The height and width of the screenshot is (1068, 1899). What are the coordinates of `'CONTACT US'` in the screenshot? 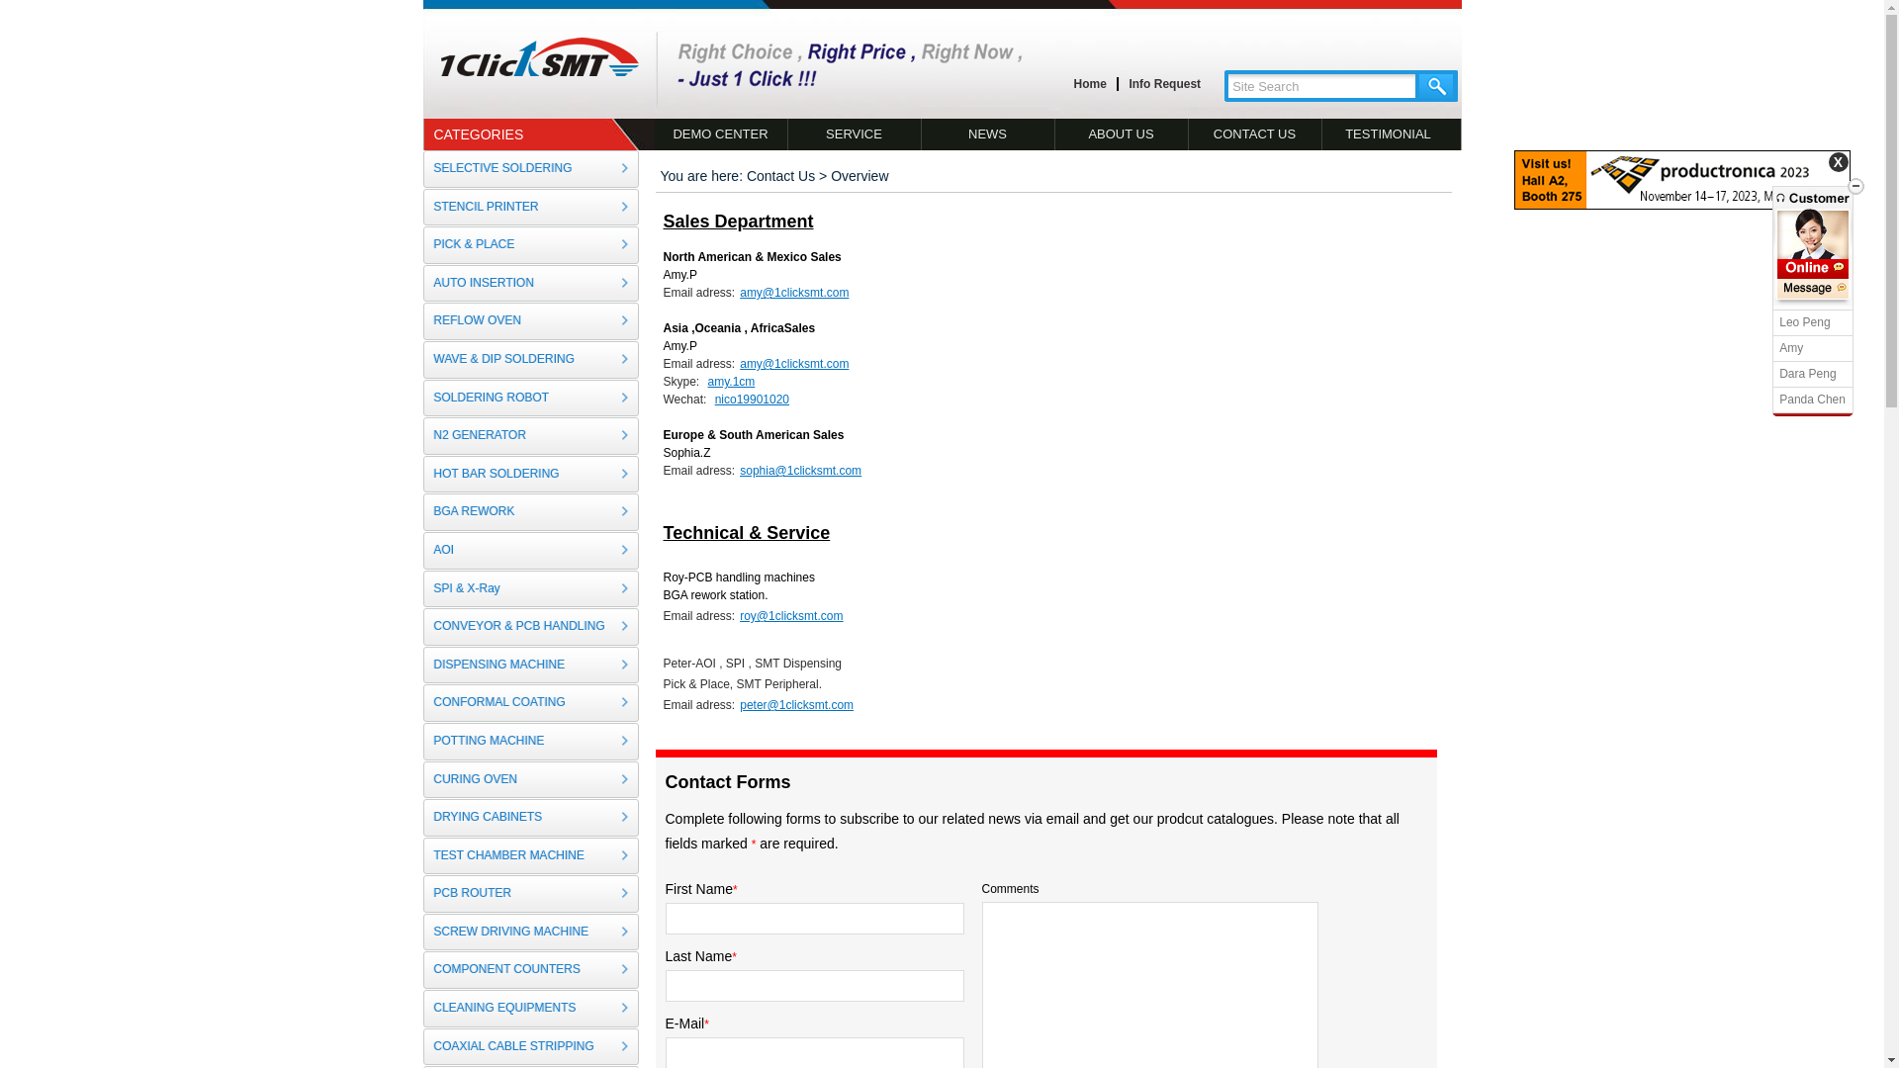 It's located at (1254, 133).